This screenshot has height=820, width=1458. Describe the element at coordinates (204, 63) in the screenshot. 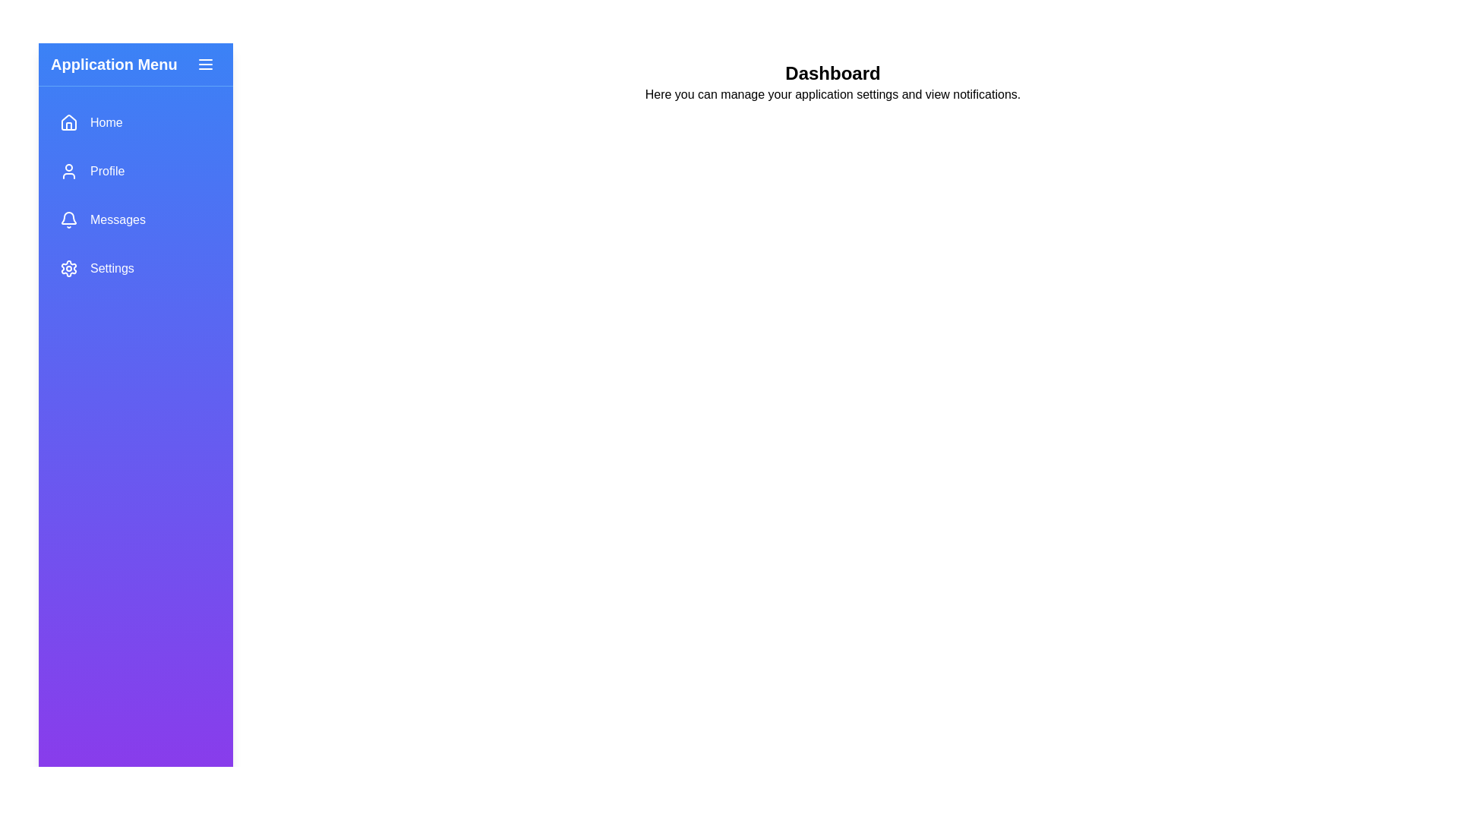

I see `the menu icon, which is a three-line icon styled with a white stroke against a blue background, located in the top-right corner of the sidebar panel adjacent to the 'Application Menu' header` at that location.